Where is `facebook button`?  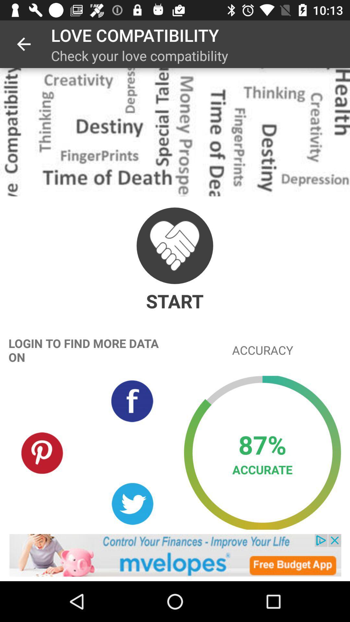 facebook button is located at coordinates (132, 401).